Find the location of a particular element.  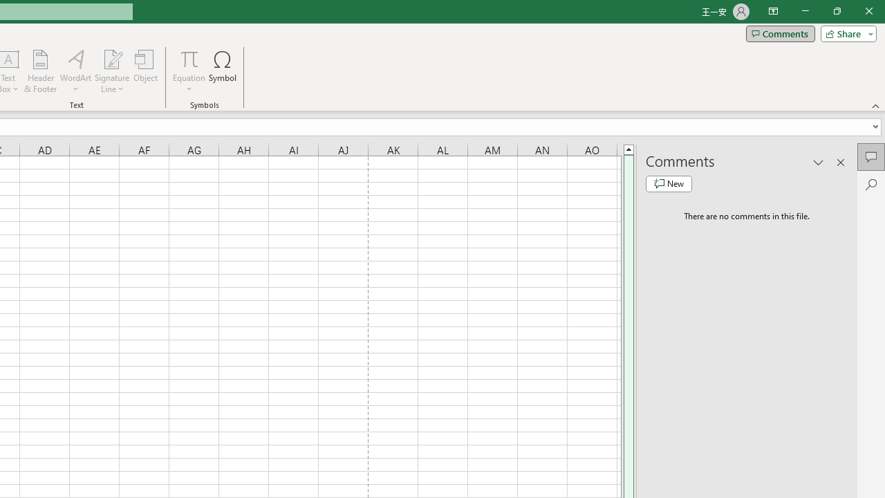

'Header & Footer...' is located at coordinates (40, 71).